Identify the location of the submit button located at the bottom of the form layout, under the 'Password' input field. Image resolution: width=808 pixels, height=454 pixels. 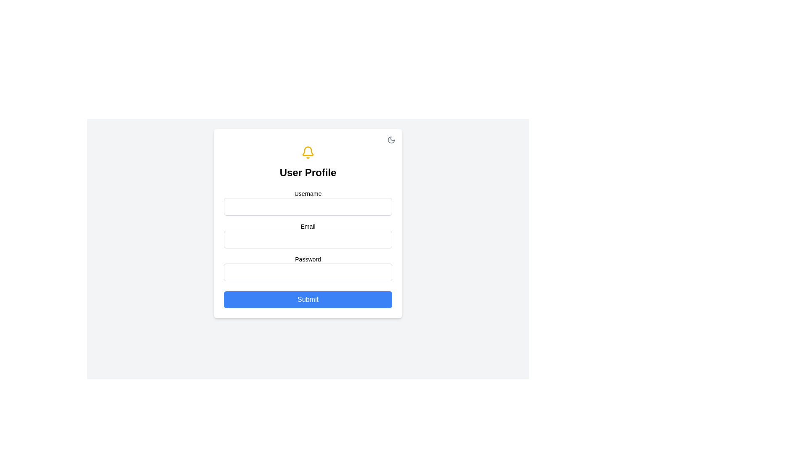
(307, 299).